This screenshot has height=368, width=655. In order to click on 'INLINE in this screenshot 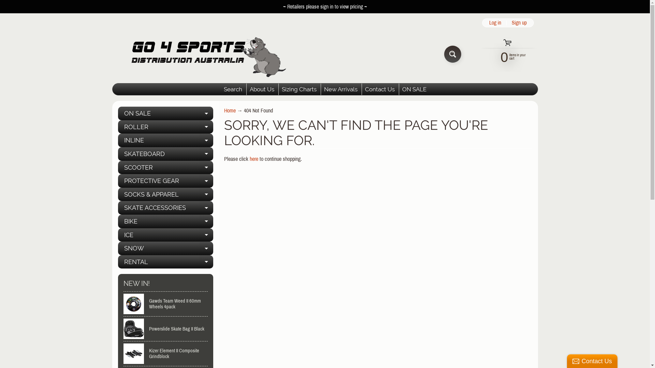, I will do `click(165, 140)`.